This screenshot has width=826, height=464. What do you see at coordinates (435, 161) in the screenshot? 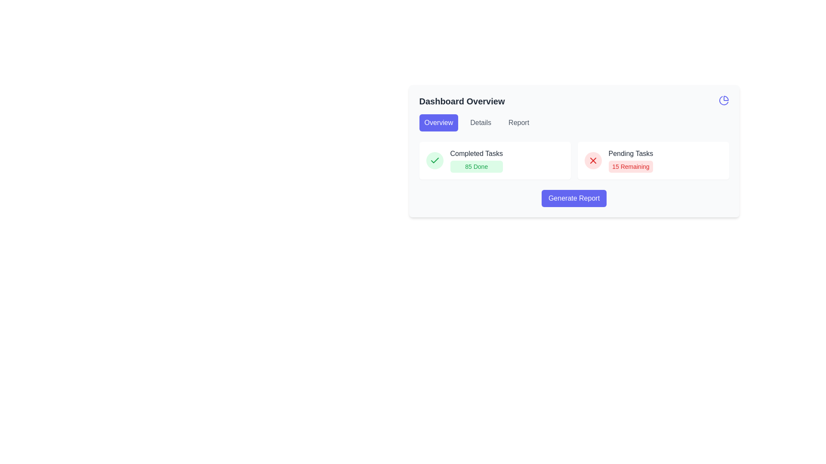
I see `the light green circle icon with a green checkmark that indicates 'Completed Tasks' in the top-left corner of the card layout` at bounding box center [435, 161].